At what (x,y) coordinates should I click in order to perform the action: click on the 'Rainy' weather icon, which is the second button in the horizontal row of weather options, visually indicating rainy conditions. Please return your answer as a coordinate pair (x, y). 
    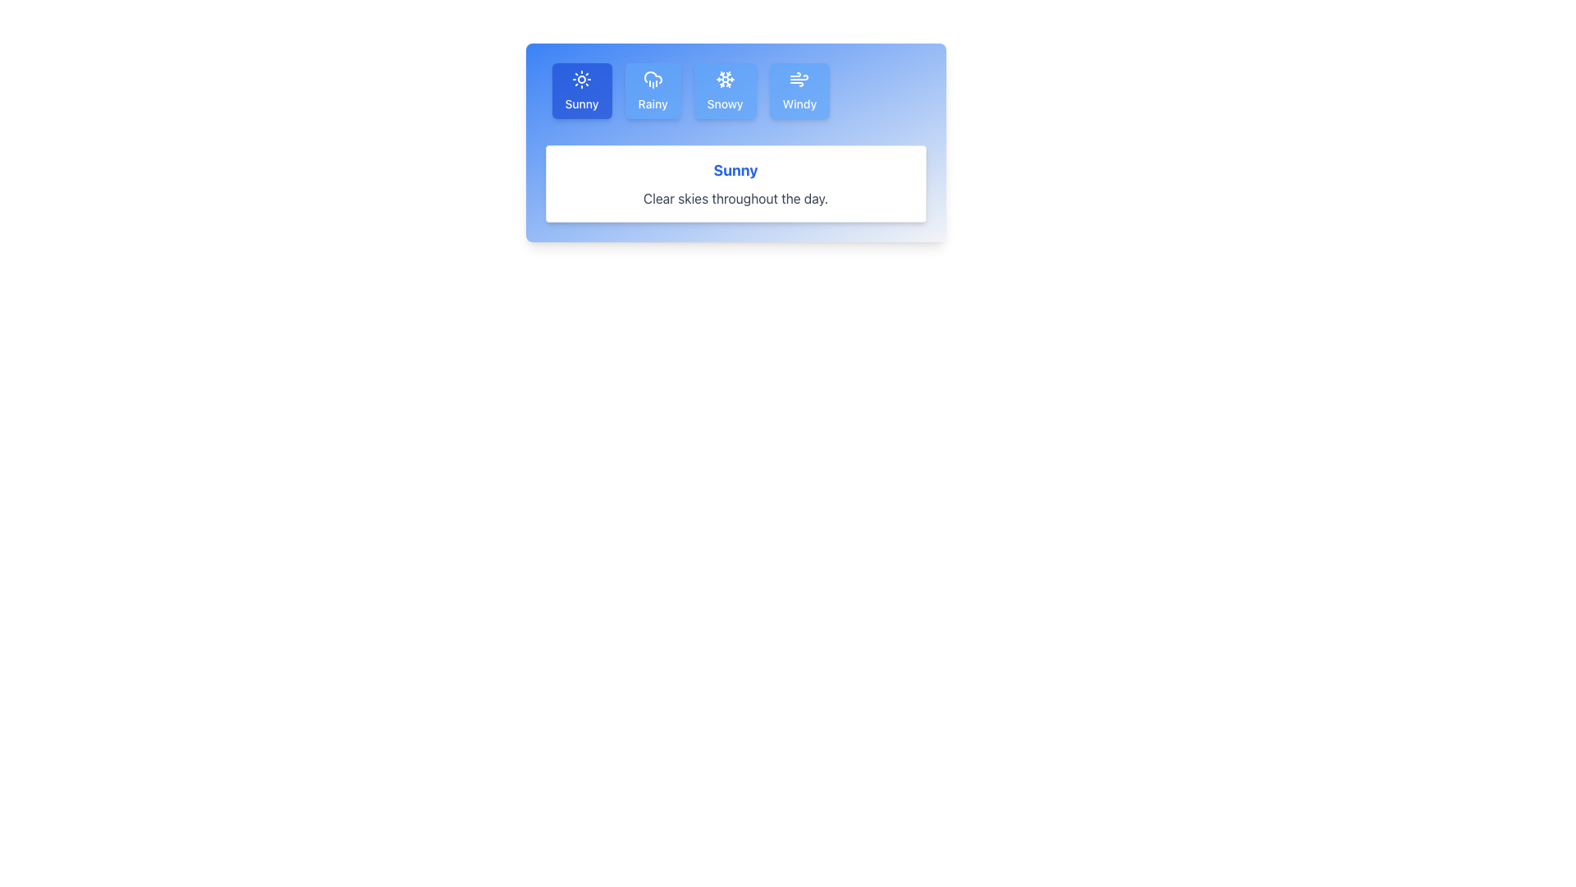
    Looking at the image, I should click on (652, 79).